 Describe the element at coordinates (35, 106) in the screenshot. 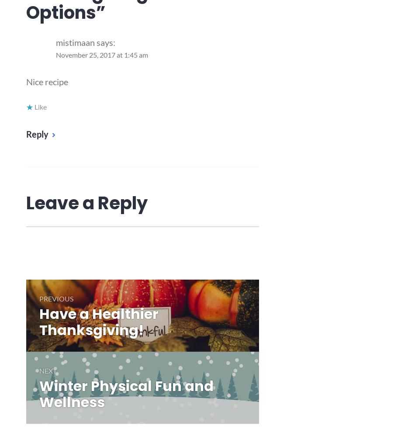

I see `'Like'` at that location.